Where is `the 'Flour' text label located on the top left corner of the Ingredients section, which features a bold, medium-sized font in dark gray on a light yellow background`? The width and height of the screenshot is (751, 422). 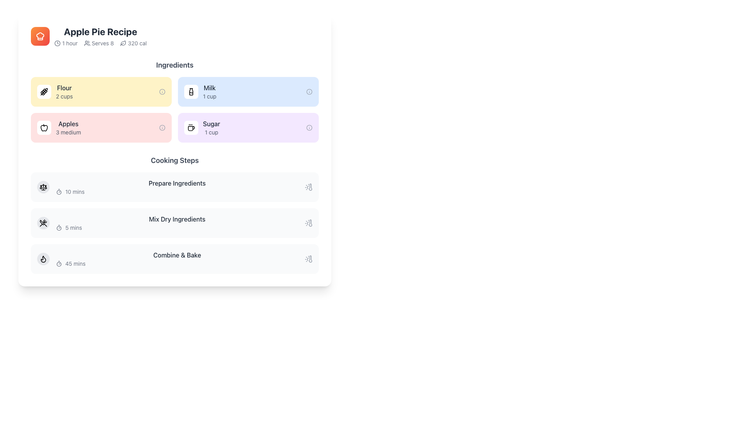
the 'Flour' text label located on the top left corner of the Ingredients section, which features a bold, medium-sized font in dark gray on a light yellow background is located at coordinates (64, 88).